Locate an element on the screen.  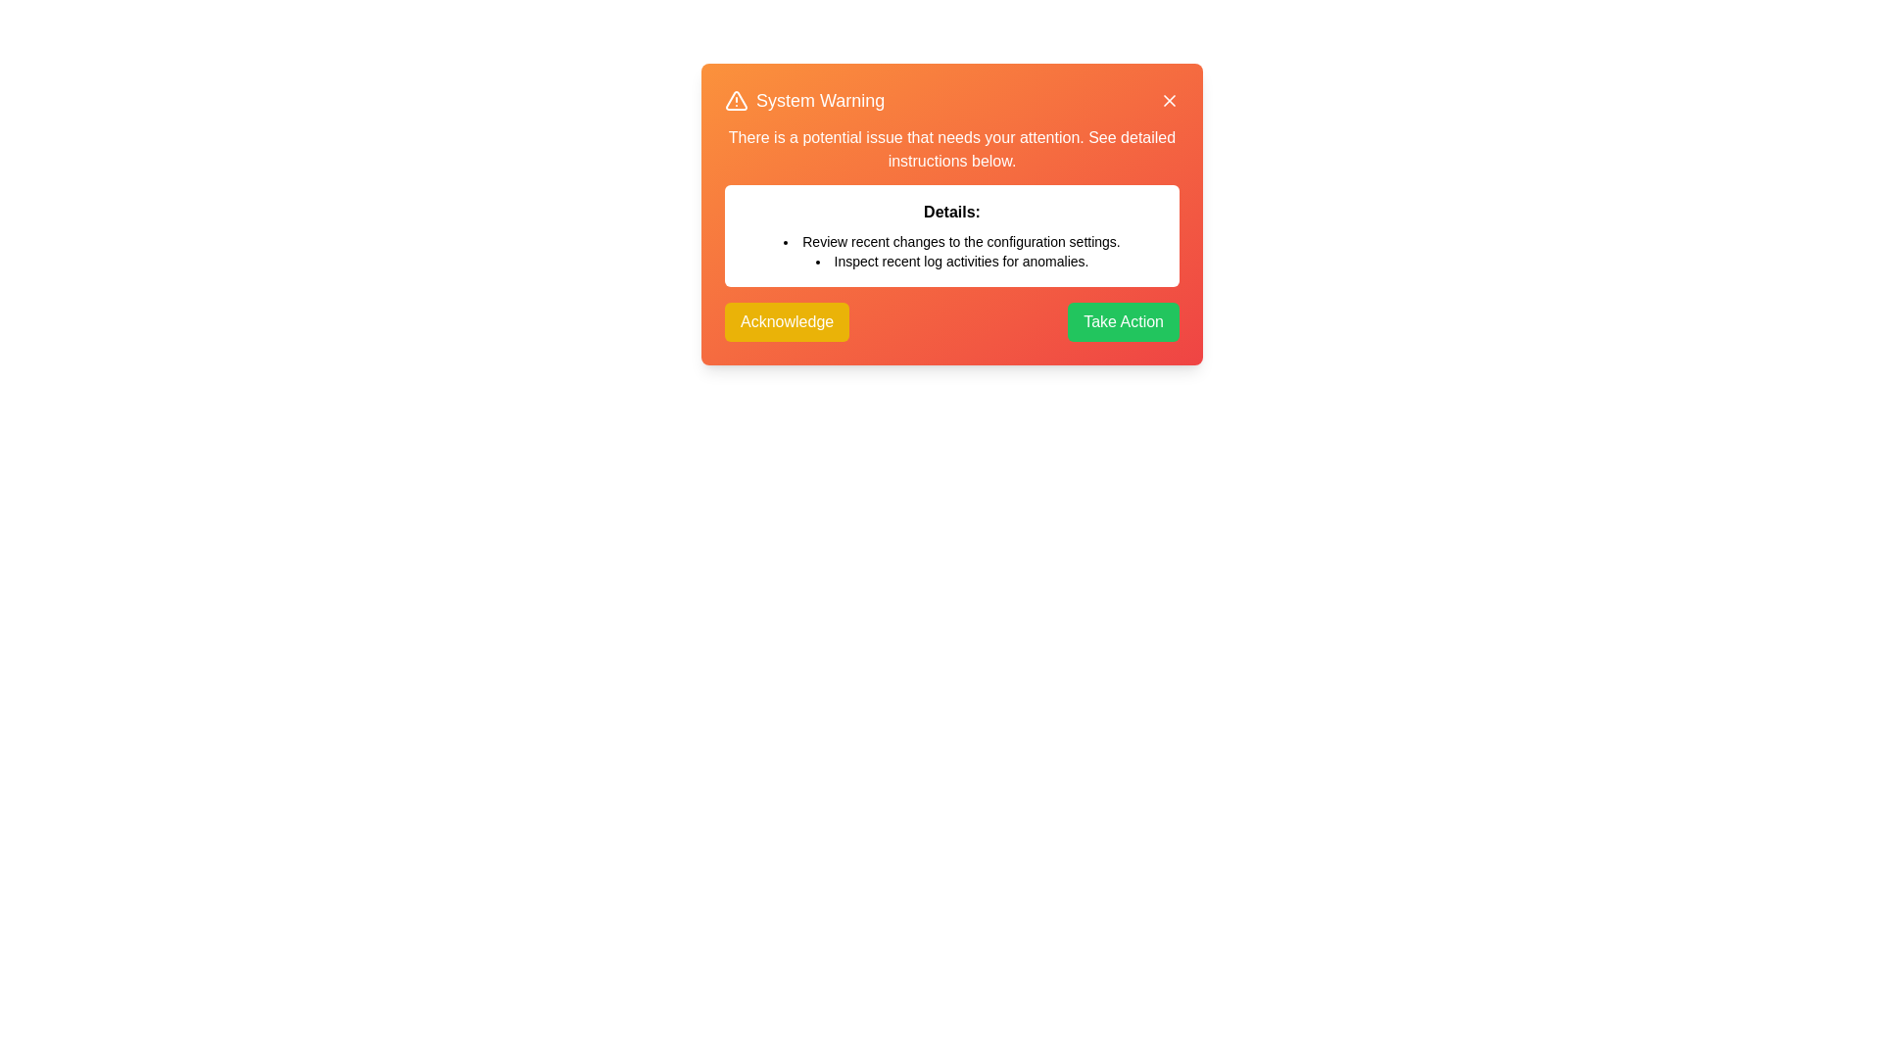
the 'System Warning' text label located at the top-left corner of the notification panel, which is prominently displayed in a medium-sized font against a vivid orange gradient background is located at coordinates (820, 101).